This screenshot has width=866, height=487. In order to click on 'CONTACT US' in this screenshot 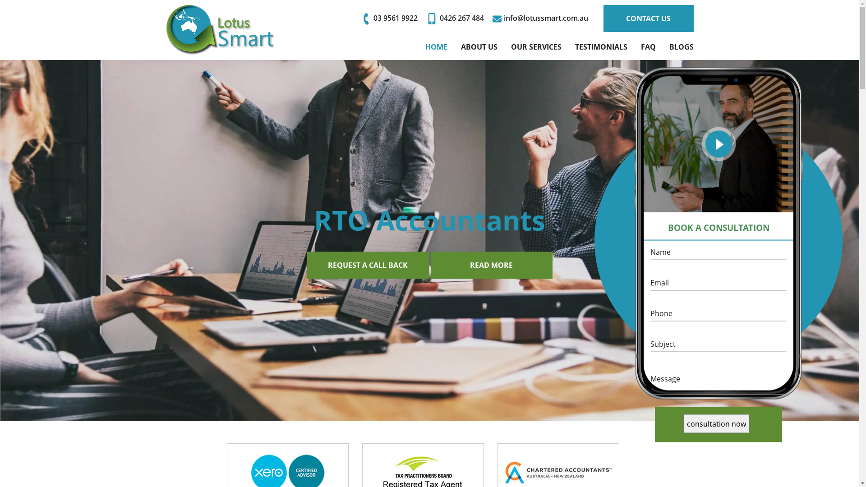, I will do `click(603, 18)`.